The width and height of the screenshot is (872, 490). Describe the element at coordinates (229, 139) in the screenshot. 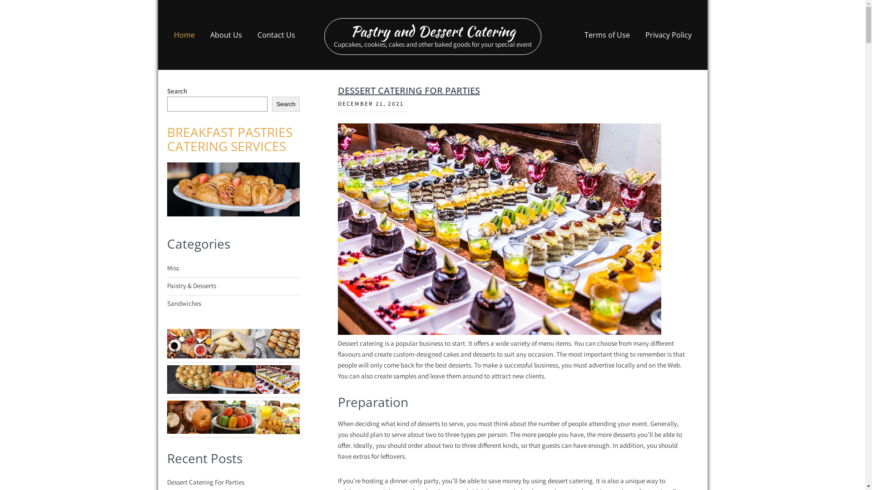

I see `'BREAKFAST PASTRIES CATERING SERVICES'` at that location.